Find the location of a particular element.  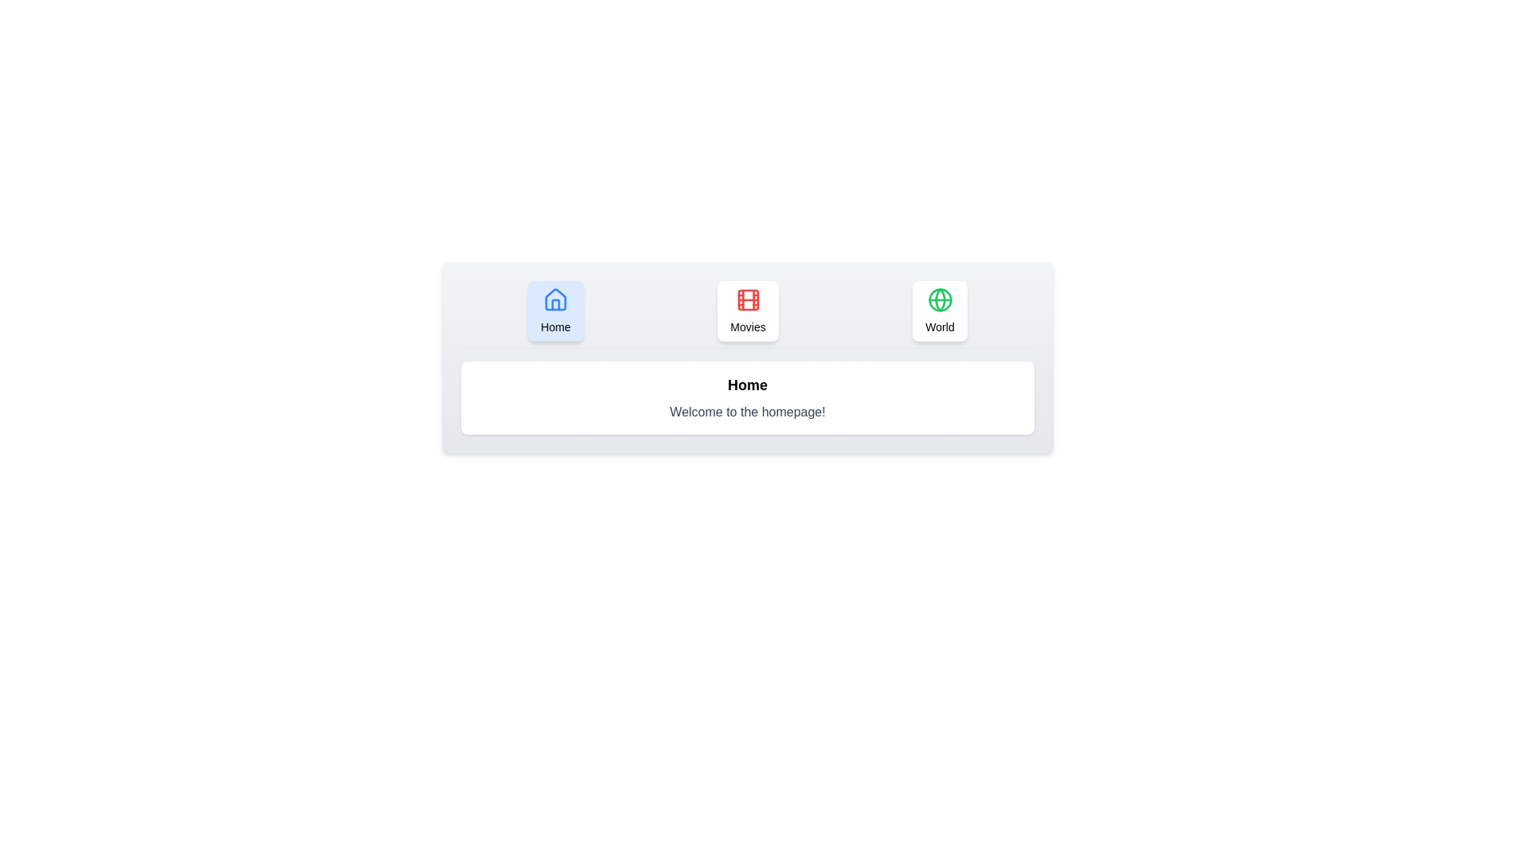

the World tab to observe its hover effect is located at coordinates (940, 311).